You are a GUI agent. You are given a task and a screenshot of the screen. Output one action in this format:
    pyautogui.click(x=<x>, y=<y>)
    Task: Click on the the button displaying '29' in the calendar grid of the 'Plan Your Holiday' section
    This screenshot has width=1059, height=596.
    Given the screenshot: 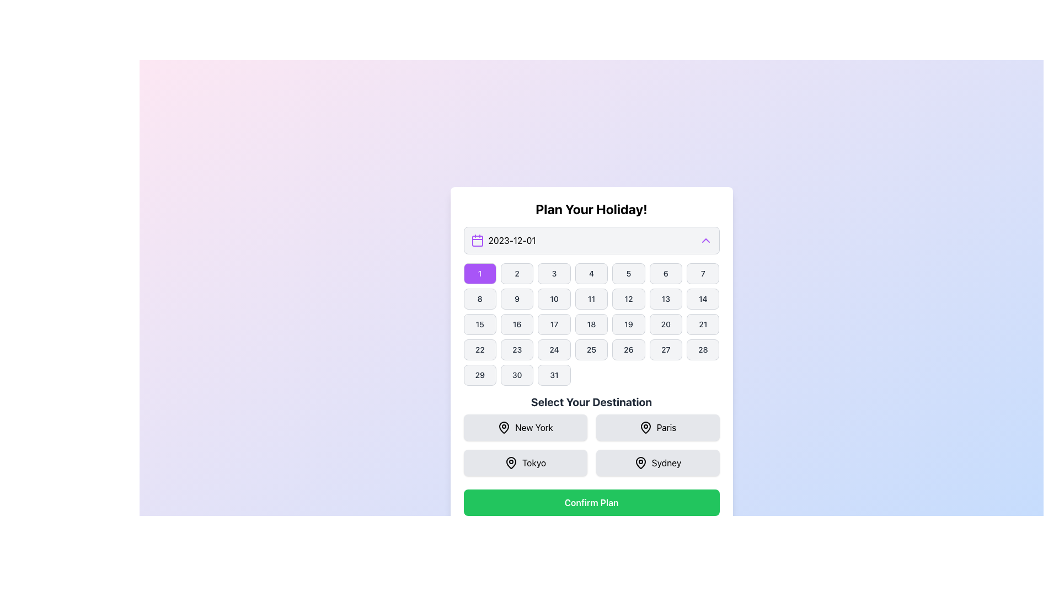 What is the action you would take?
    pyautogui.click(x=480, y=374)
    